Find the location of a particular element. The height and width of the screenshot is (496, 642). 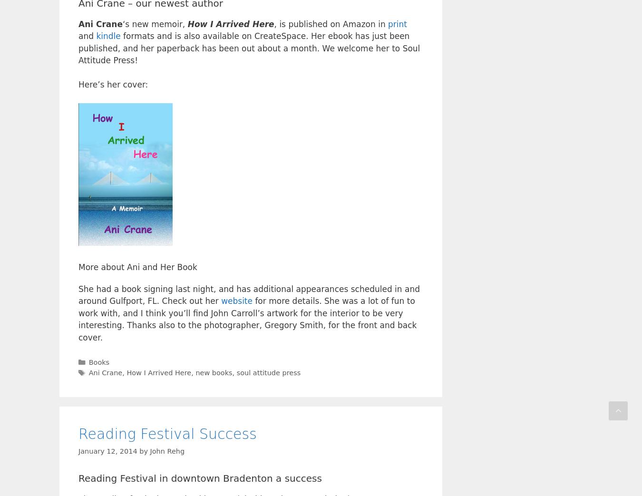

'John Rehg' is located at coordinates (167, 450).